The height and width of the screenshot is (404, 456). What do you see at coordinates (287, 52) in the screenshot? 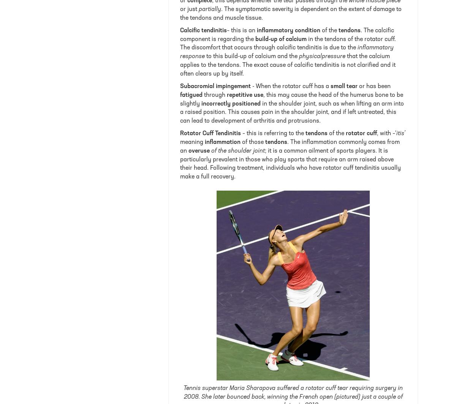
I see `'inflammatory response'` at bounding box center [287, 52].